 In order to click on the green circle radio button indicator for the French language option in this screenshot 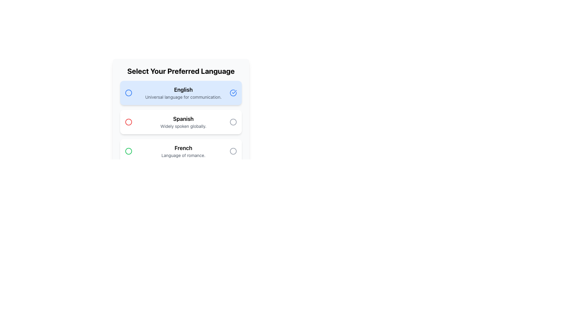, I will do `click(128, 151)`.